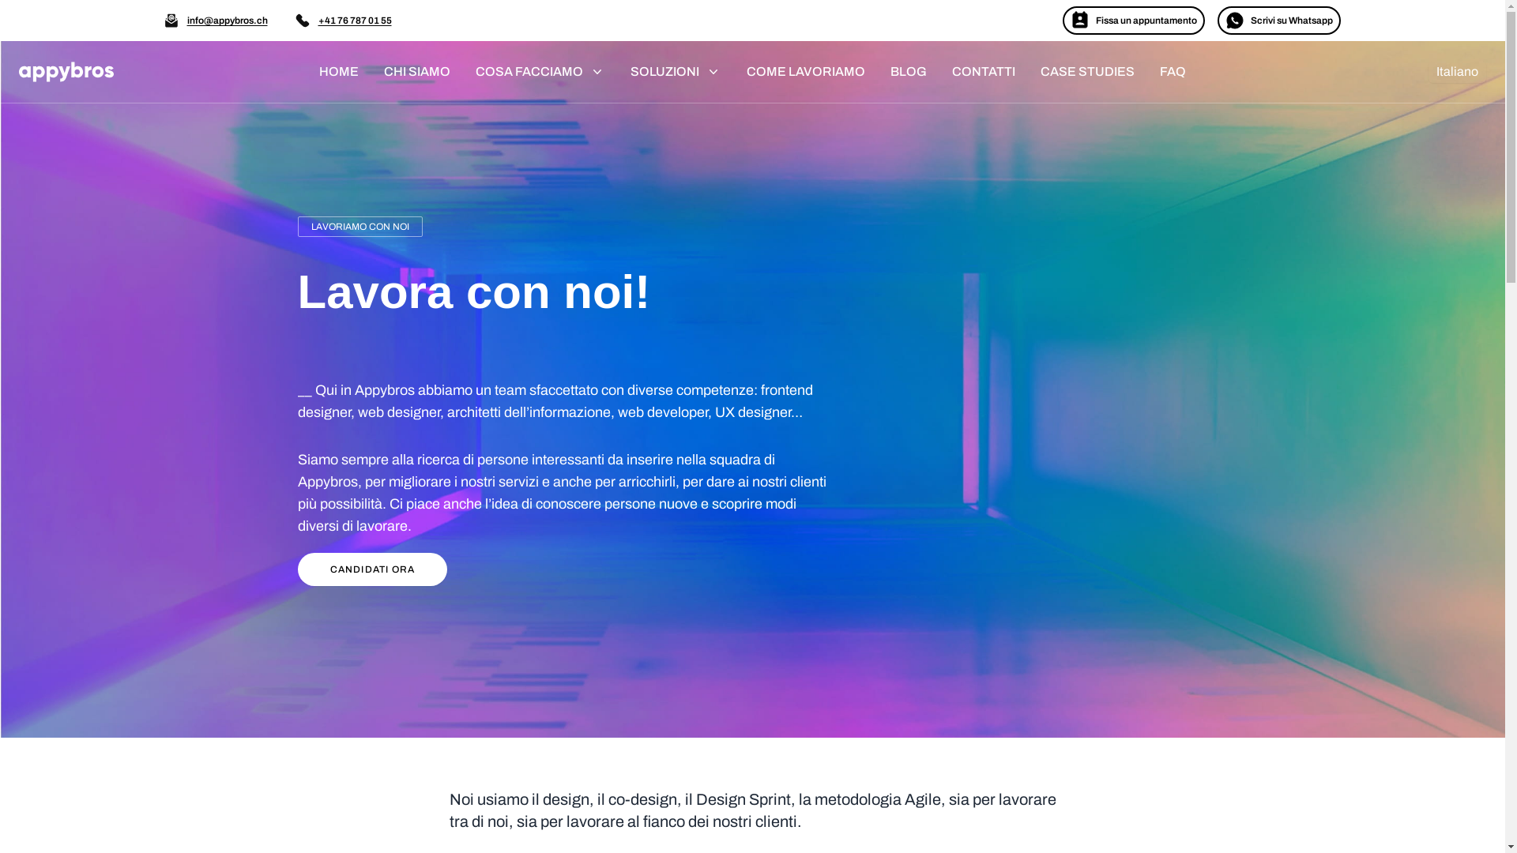 The width and height of the screenshot is (1517, 853). I want to click on 'CHI SIAMO', so click(417, 72).